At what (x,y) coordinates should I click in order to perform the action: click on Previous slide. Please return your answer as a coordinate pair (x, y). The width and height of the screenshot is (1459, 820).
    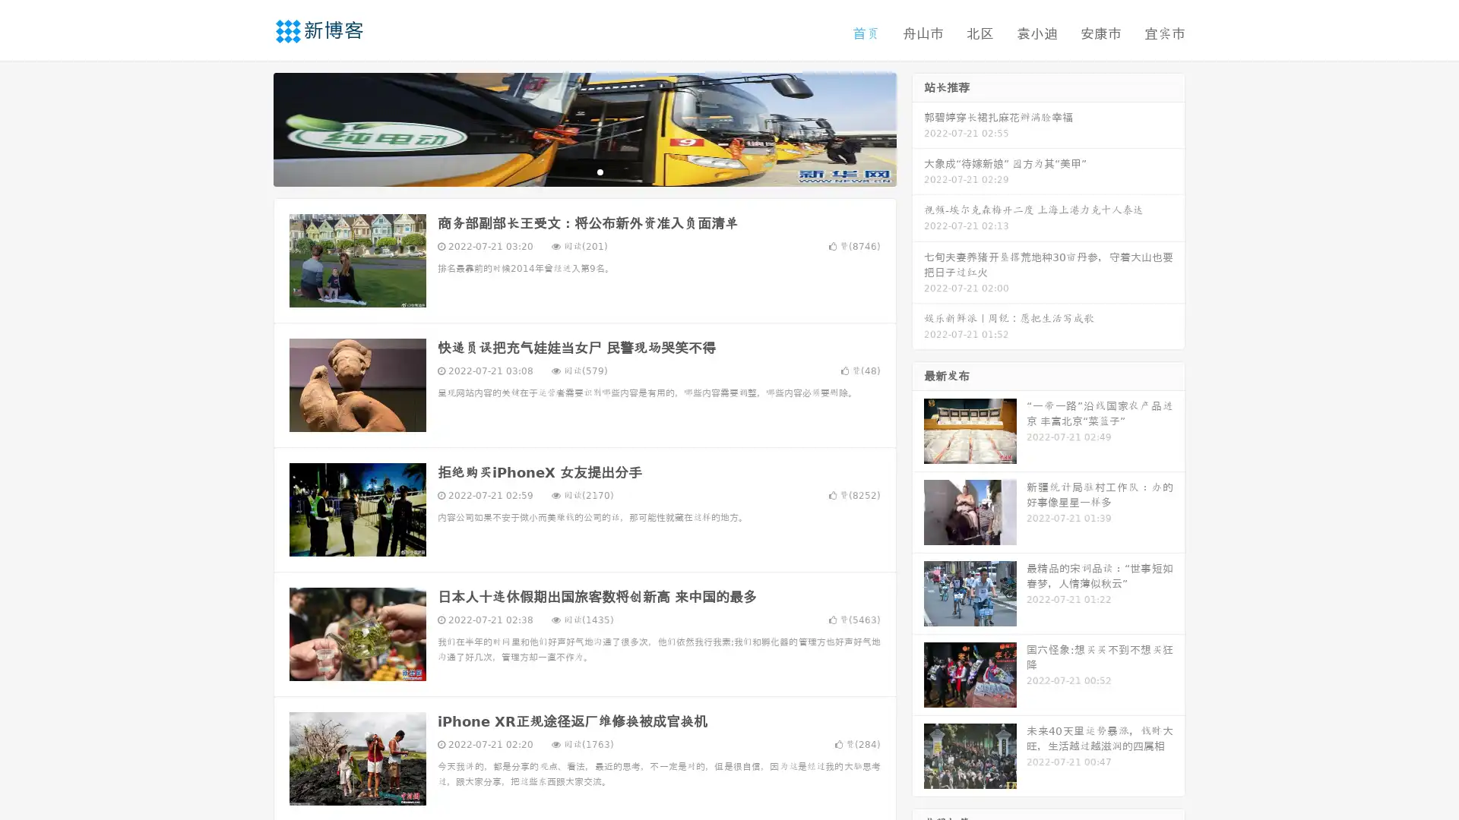
    Looking at the image, I should click on (251, 128).